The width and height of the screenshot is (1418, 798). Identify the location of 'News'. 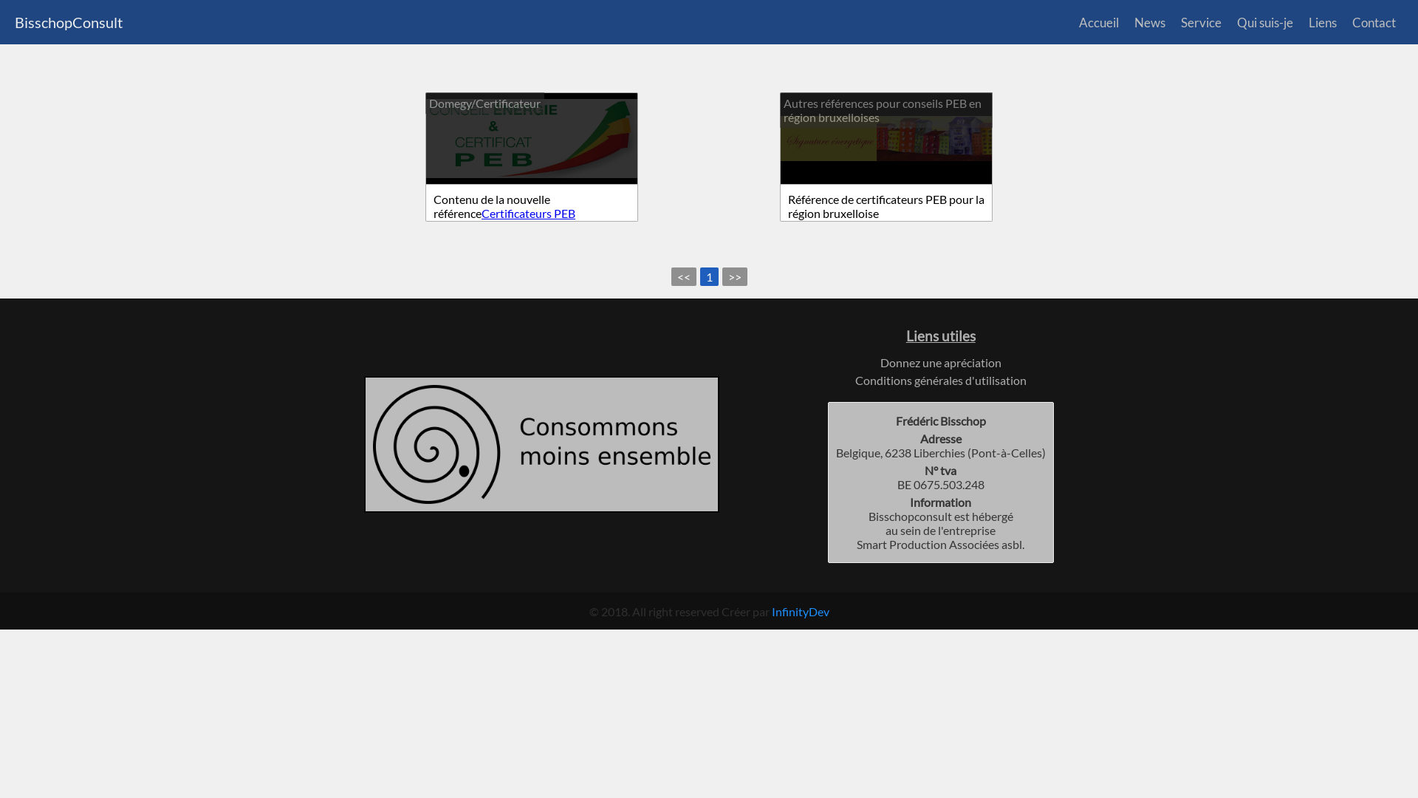
(1134, 22).